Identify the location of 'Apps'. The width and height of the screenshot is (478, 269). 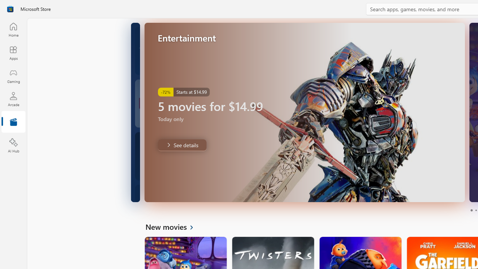
(13, 52).